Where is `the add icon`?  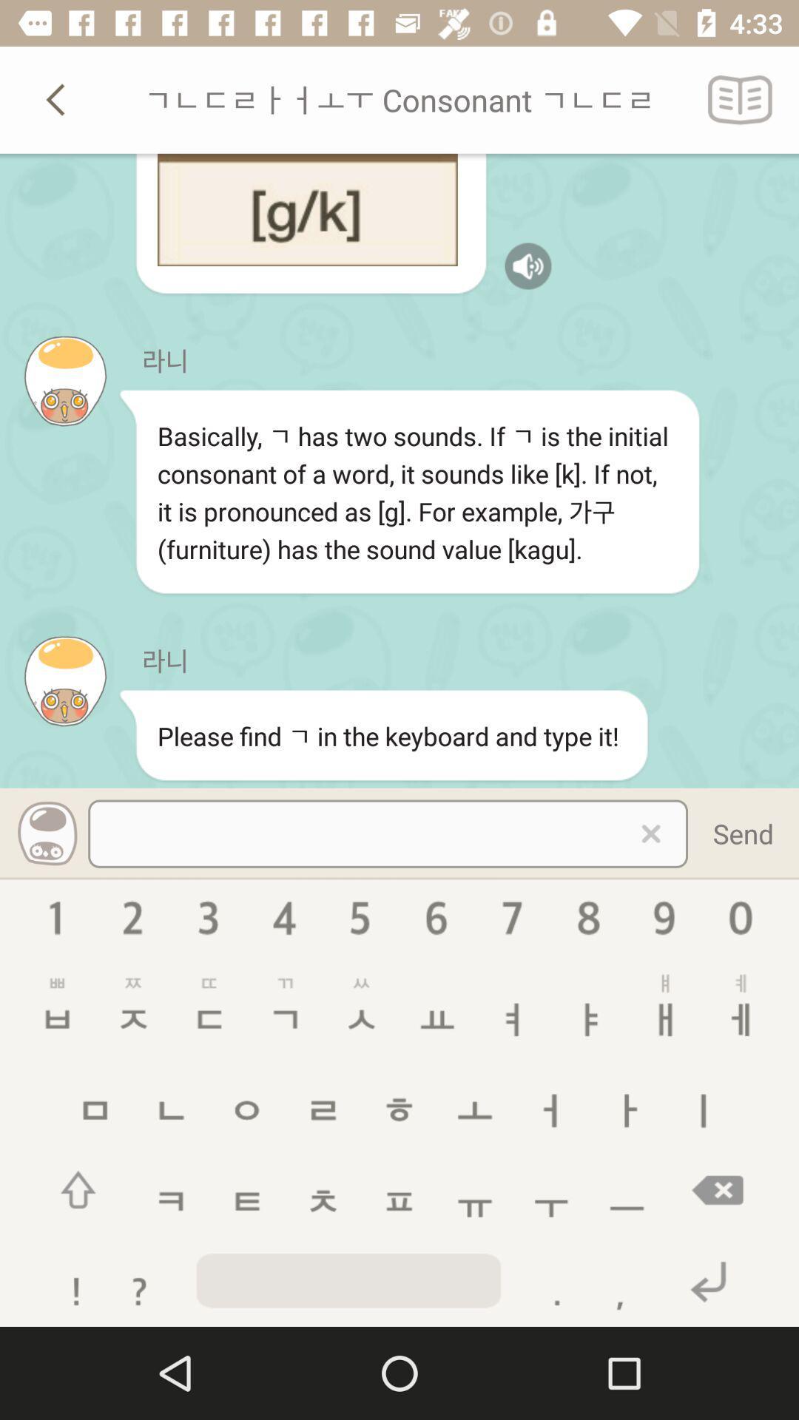 the add icon is located at coordinates (551, 1190).